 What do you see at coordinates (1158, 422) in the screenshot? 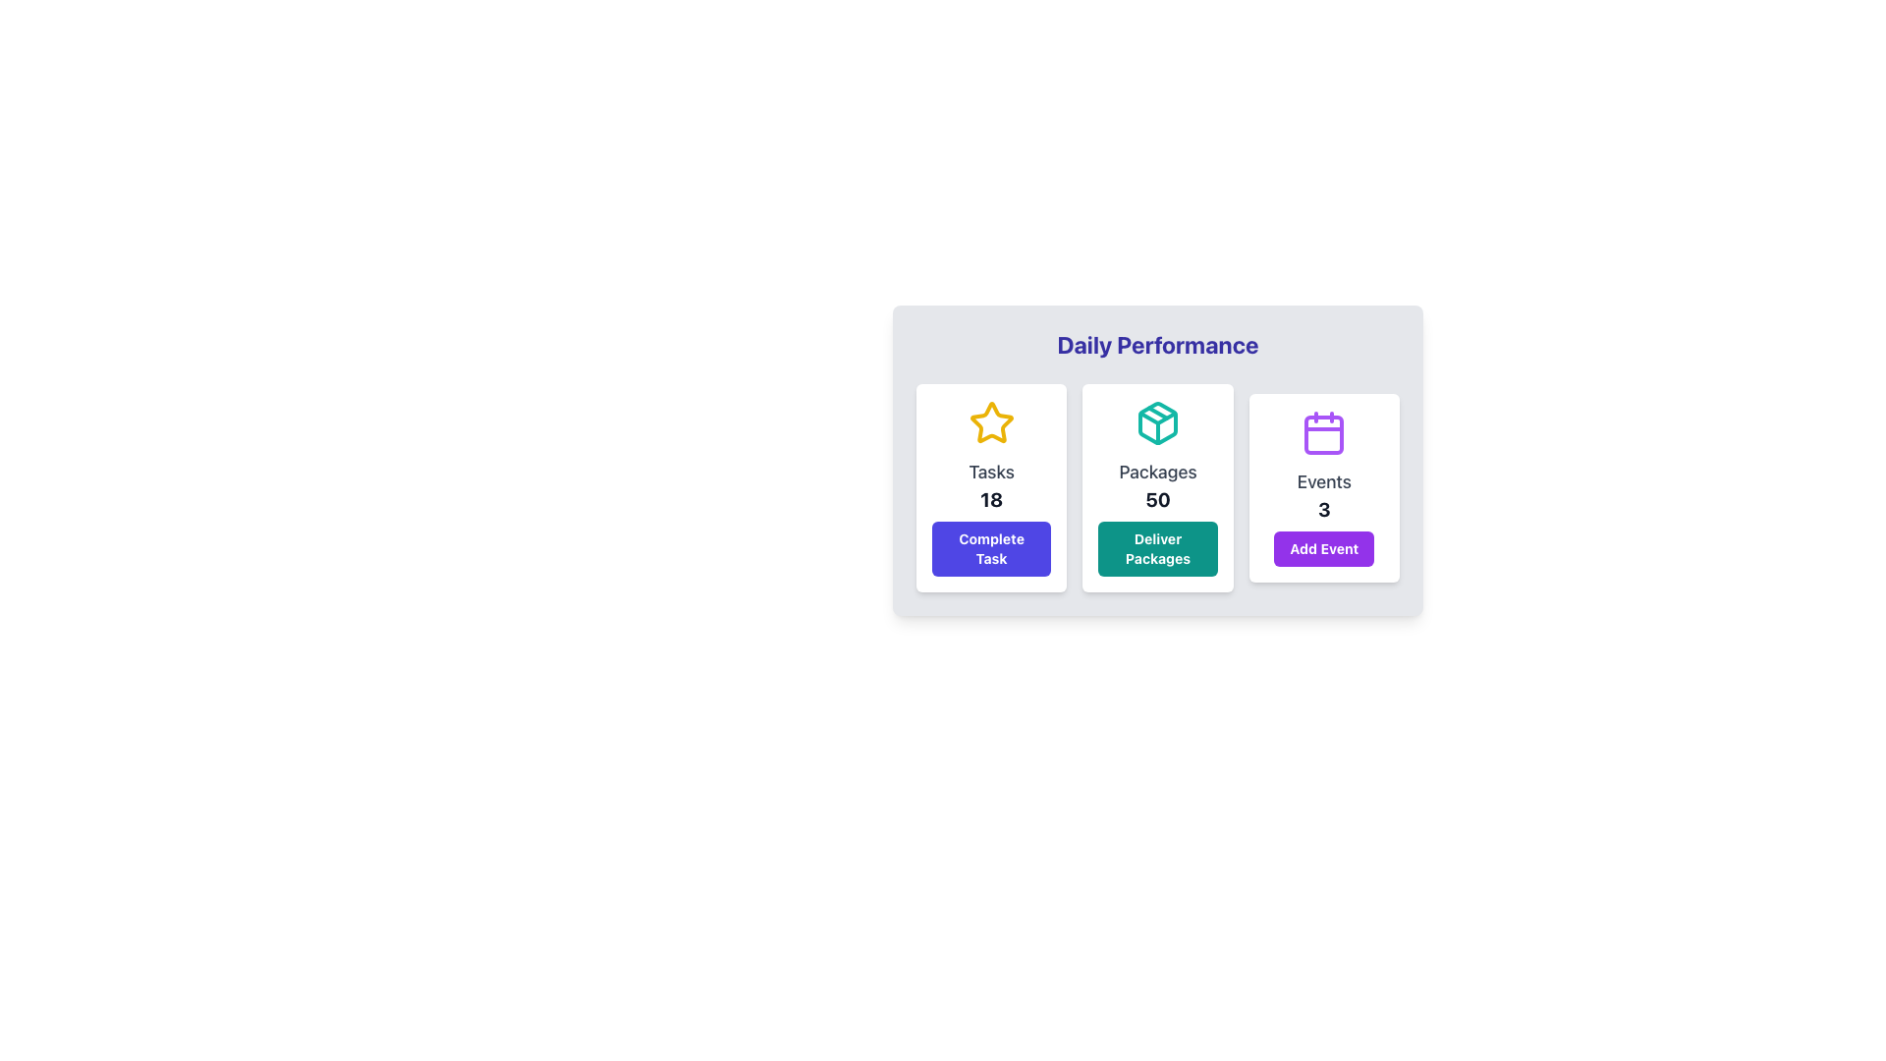
I see `description of the teal package icon located at the center of the 'Packages' card in the 'Daily Performance' interface` at bounding box center [1158, 422].